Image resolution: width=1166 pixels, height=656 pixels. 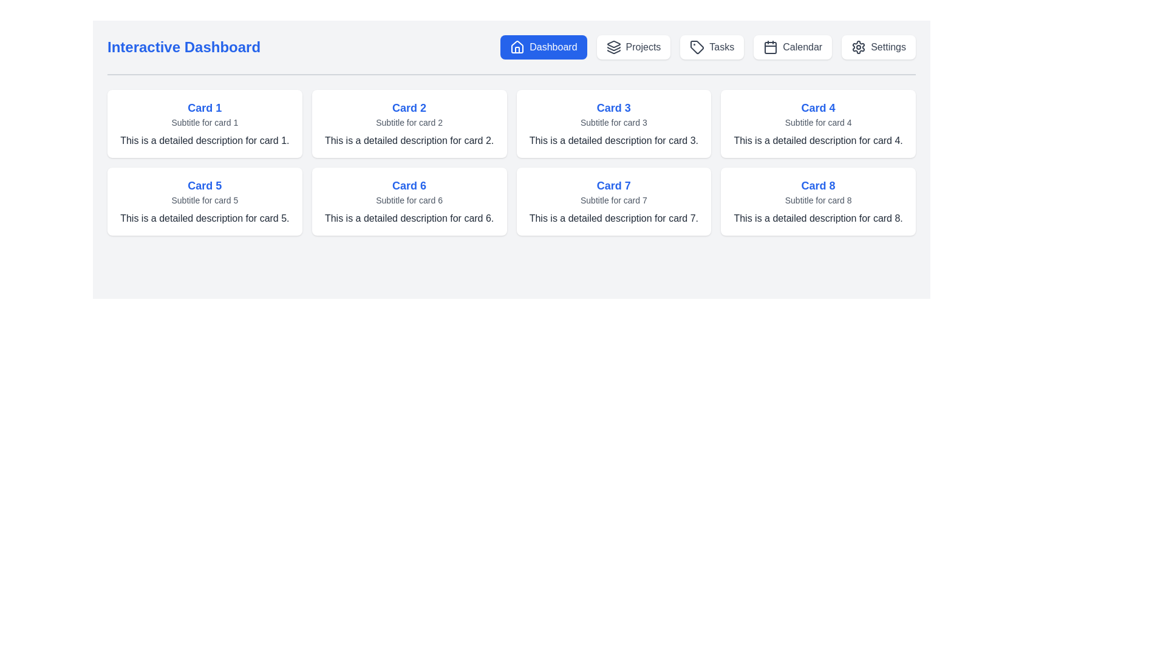 What do you see at coordinates (517, 46) in the screenshot?
I see `the 'home' icon representing the Dashboard page, located in the top navigation bar to the left of the 'Dashboard' text` at bounding box center [517, 46].